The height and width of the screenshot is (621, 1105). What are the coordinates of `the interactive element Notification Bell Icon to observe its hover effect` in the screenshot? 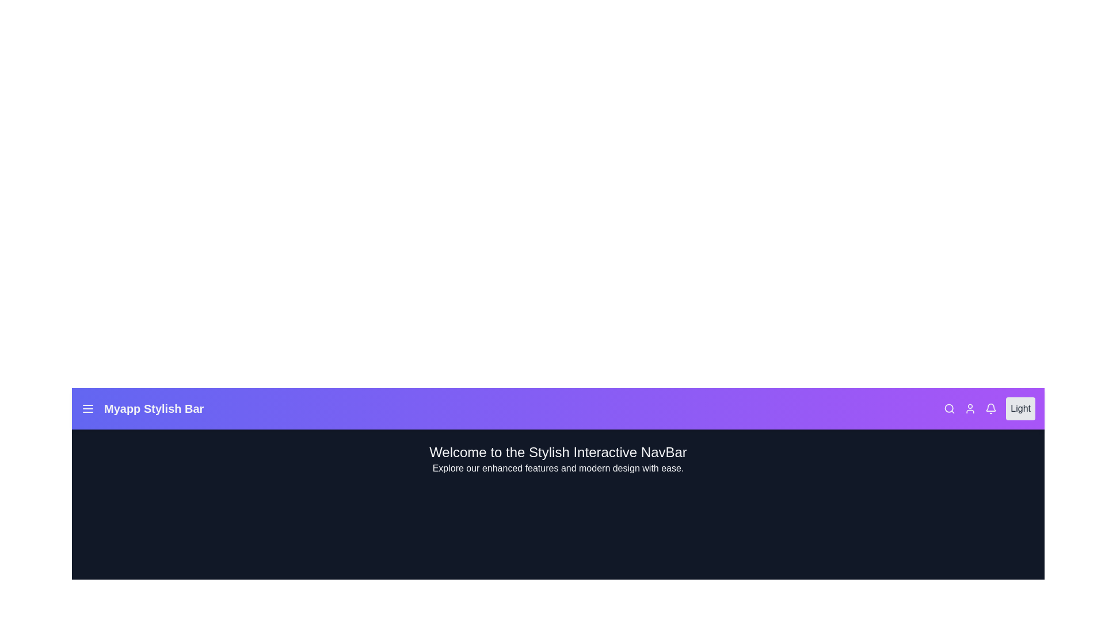 It's located at (990, 408).